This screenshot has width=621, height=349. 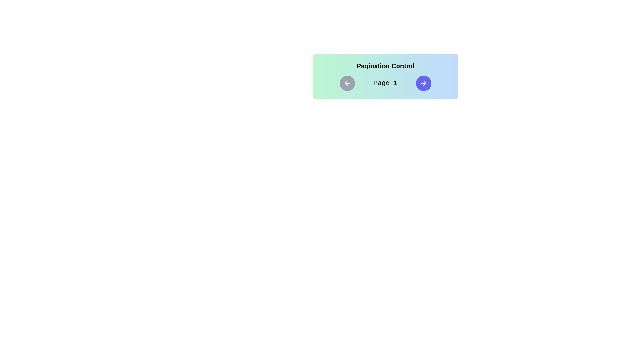 I want to click on right arrow button to navigate to the next page, so click(x=424, y=83).